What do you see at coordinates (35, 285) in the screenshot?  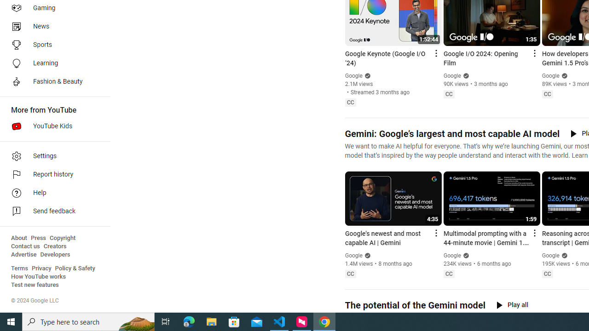 I see `'Test new features'` at bounding box center [35, 285].